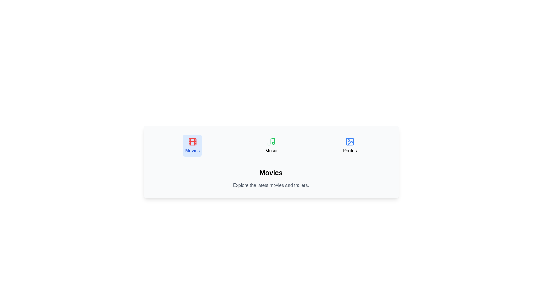 Image resolution: width=547 pixels, height=308 pixels. I want to click on the Photos tab by clicking on its button, so click(350, 145).